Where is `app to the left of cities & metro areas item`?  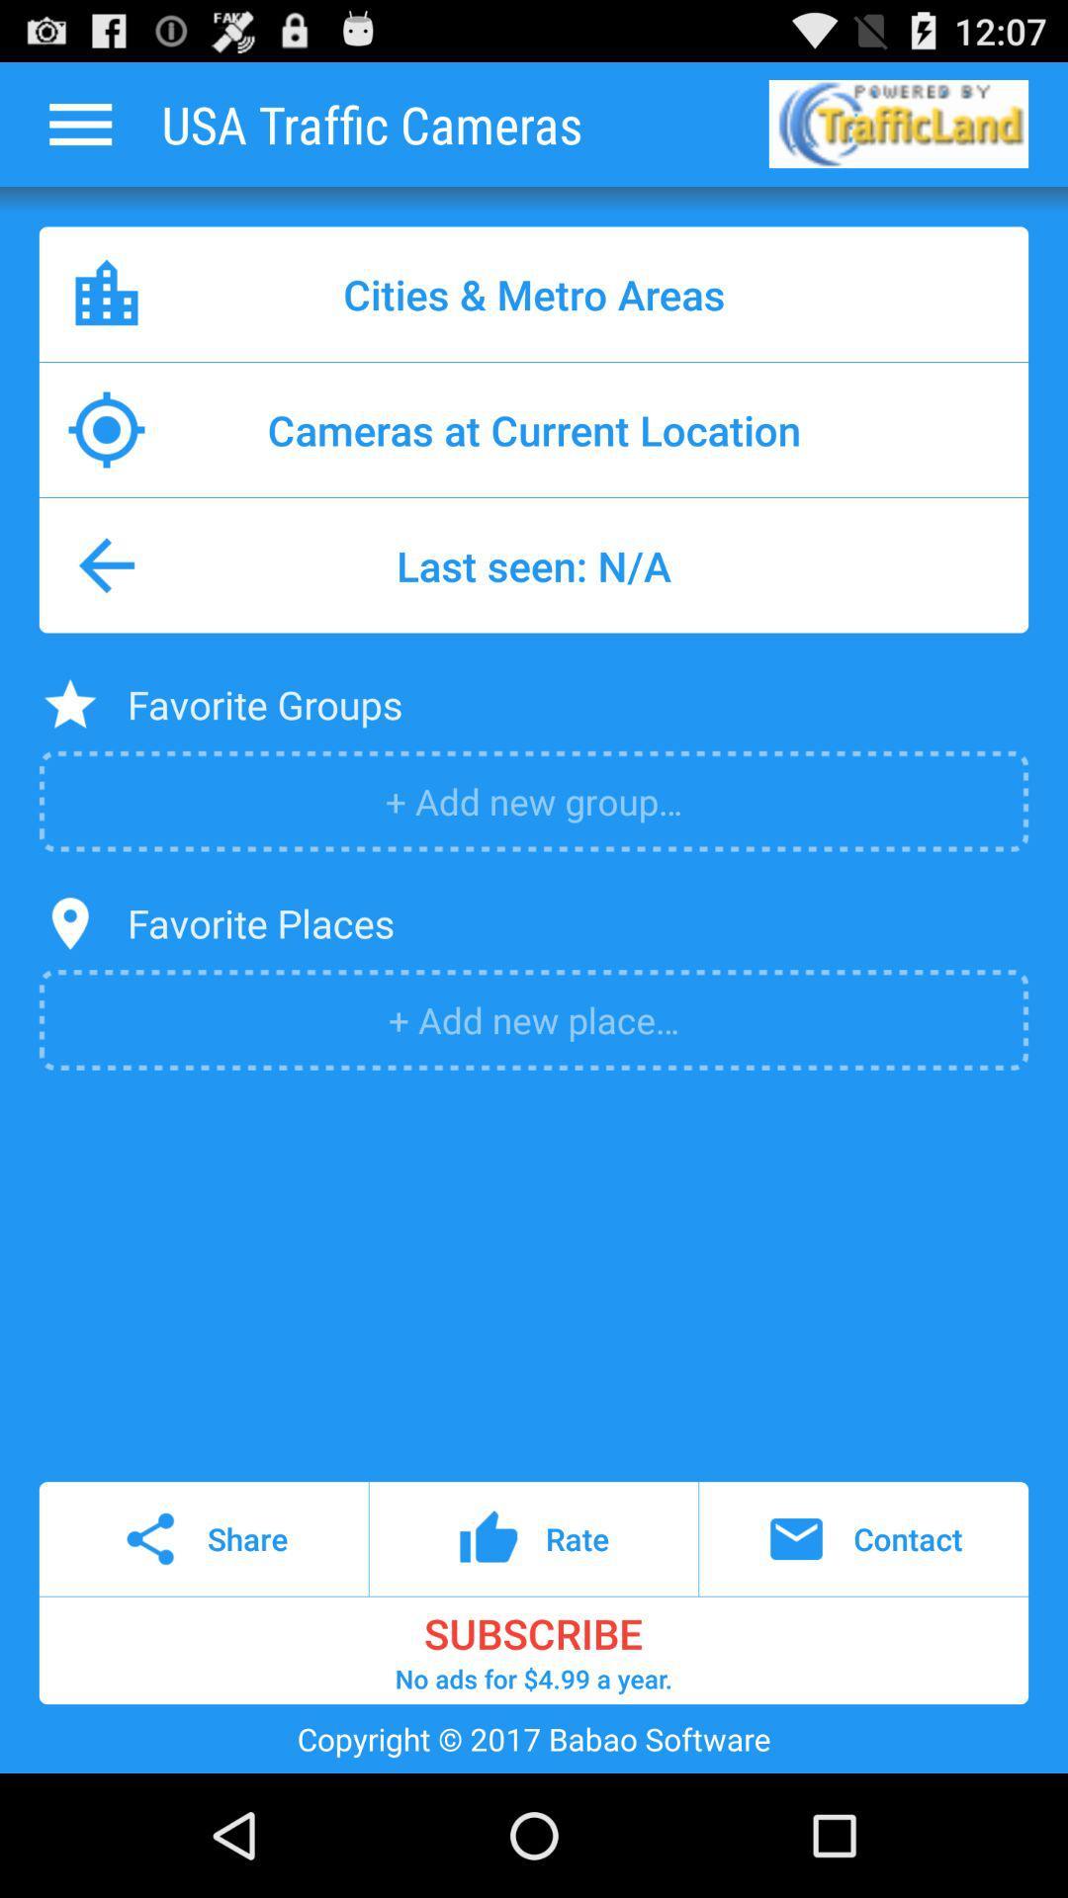
app to the left of cities & metro areas item is located at coordinates (107, 293).